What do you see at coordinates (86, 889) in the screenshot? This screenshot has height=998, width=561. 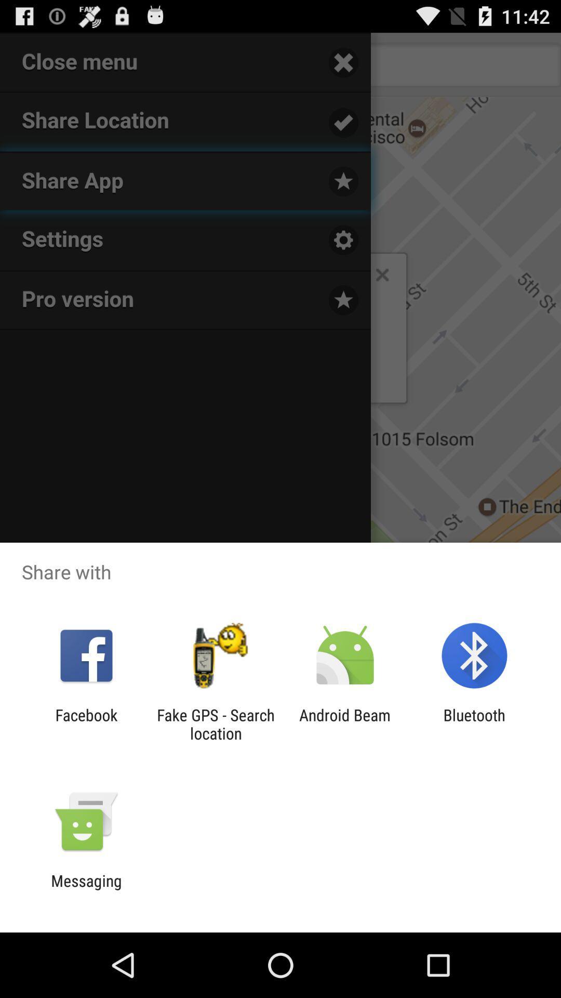 I see `the messaging app` at bounding box center [86, 889].